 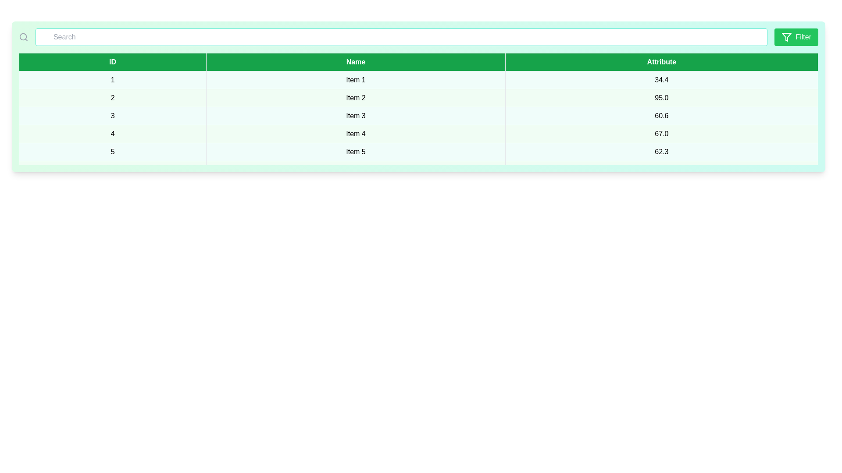 I want to click on the row corresponding to 2, so click(x=219, y=109).